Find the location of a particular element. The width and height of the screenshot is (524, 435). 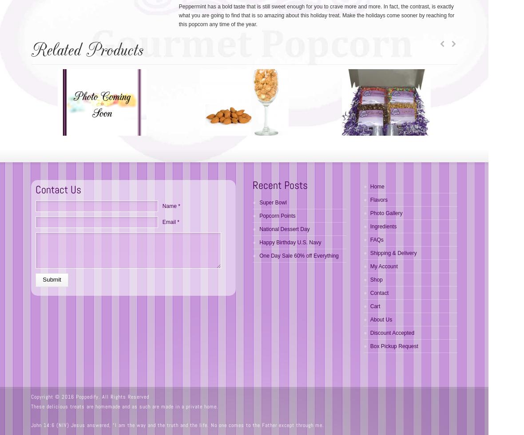

'These delicious treats are homemade and as such are made in a private home.' is located at coordinates (124, 407).